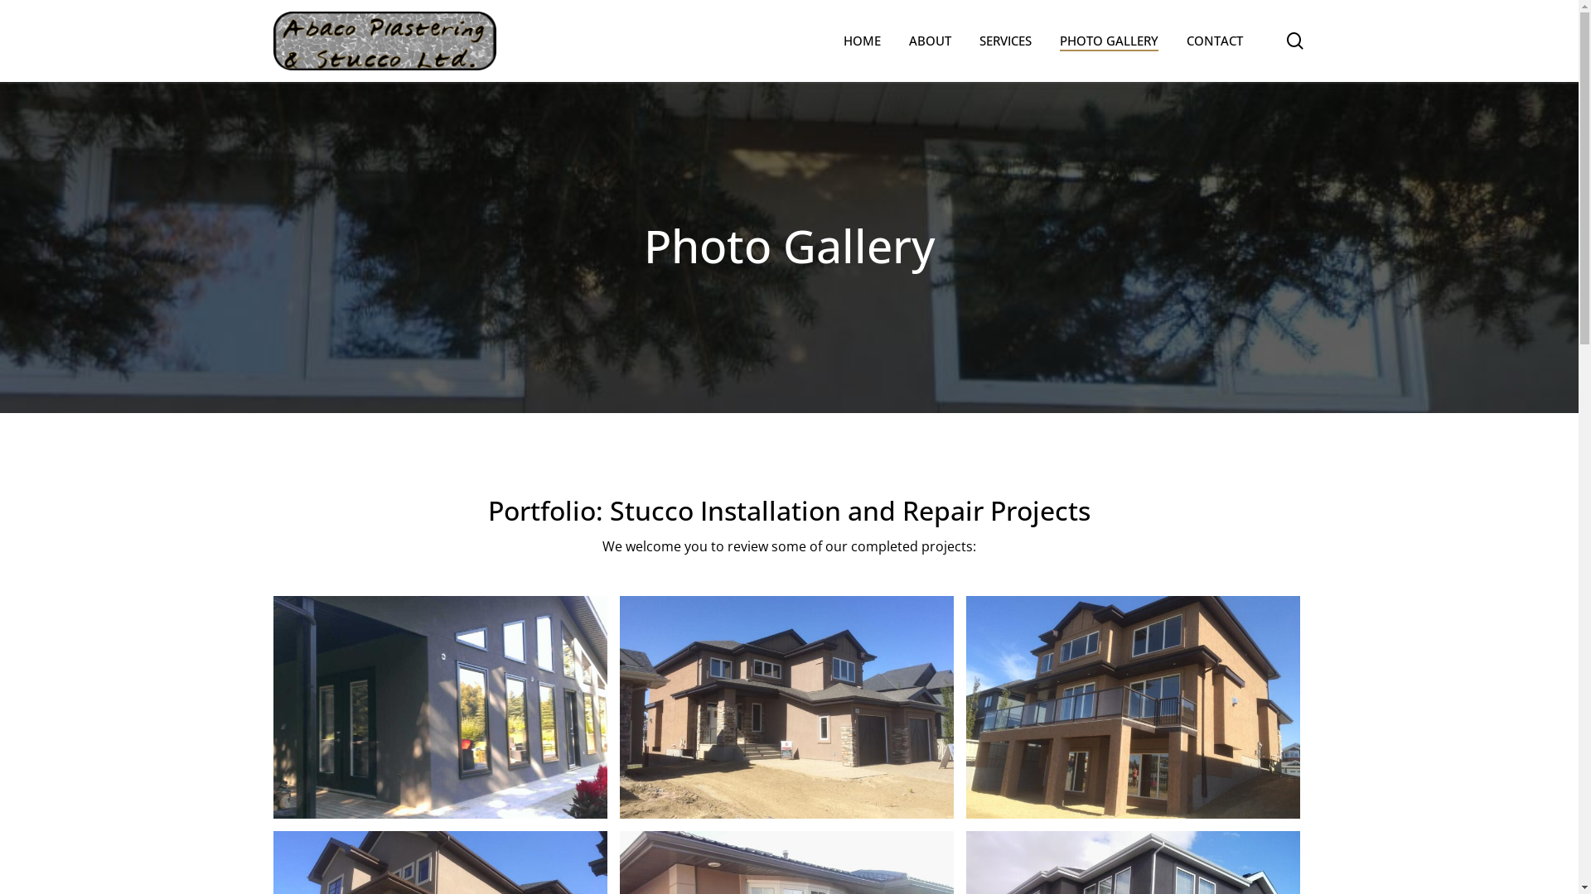 The image size is (1591, 894). Describe the element at coordinates (1294, 40) in the screenshot. I see `'search'` at that location.